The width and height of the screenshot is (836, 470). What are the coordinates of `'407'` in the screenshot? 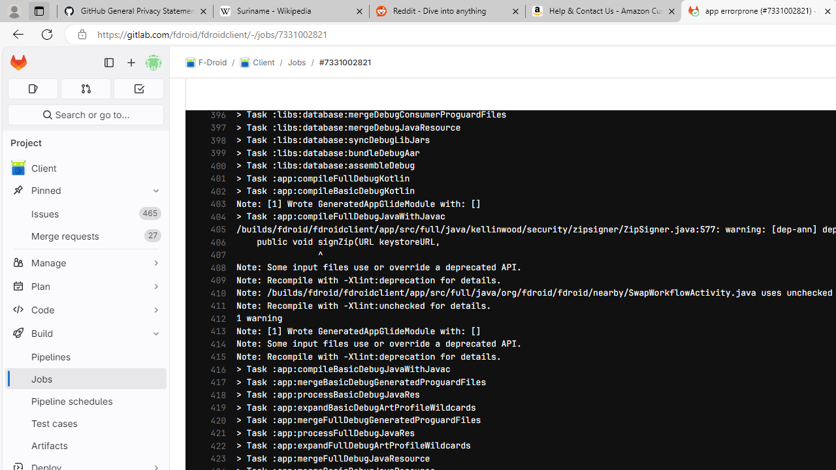 It's located at (215, 255).